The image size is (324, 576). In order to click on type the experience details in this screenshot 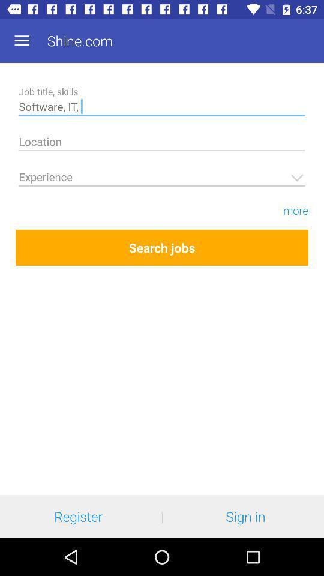, I will do `click(162, 178)`.